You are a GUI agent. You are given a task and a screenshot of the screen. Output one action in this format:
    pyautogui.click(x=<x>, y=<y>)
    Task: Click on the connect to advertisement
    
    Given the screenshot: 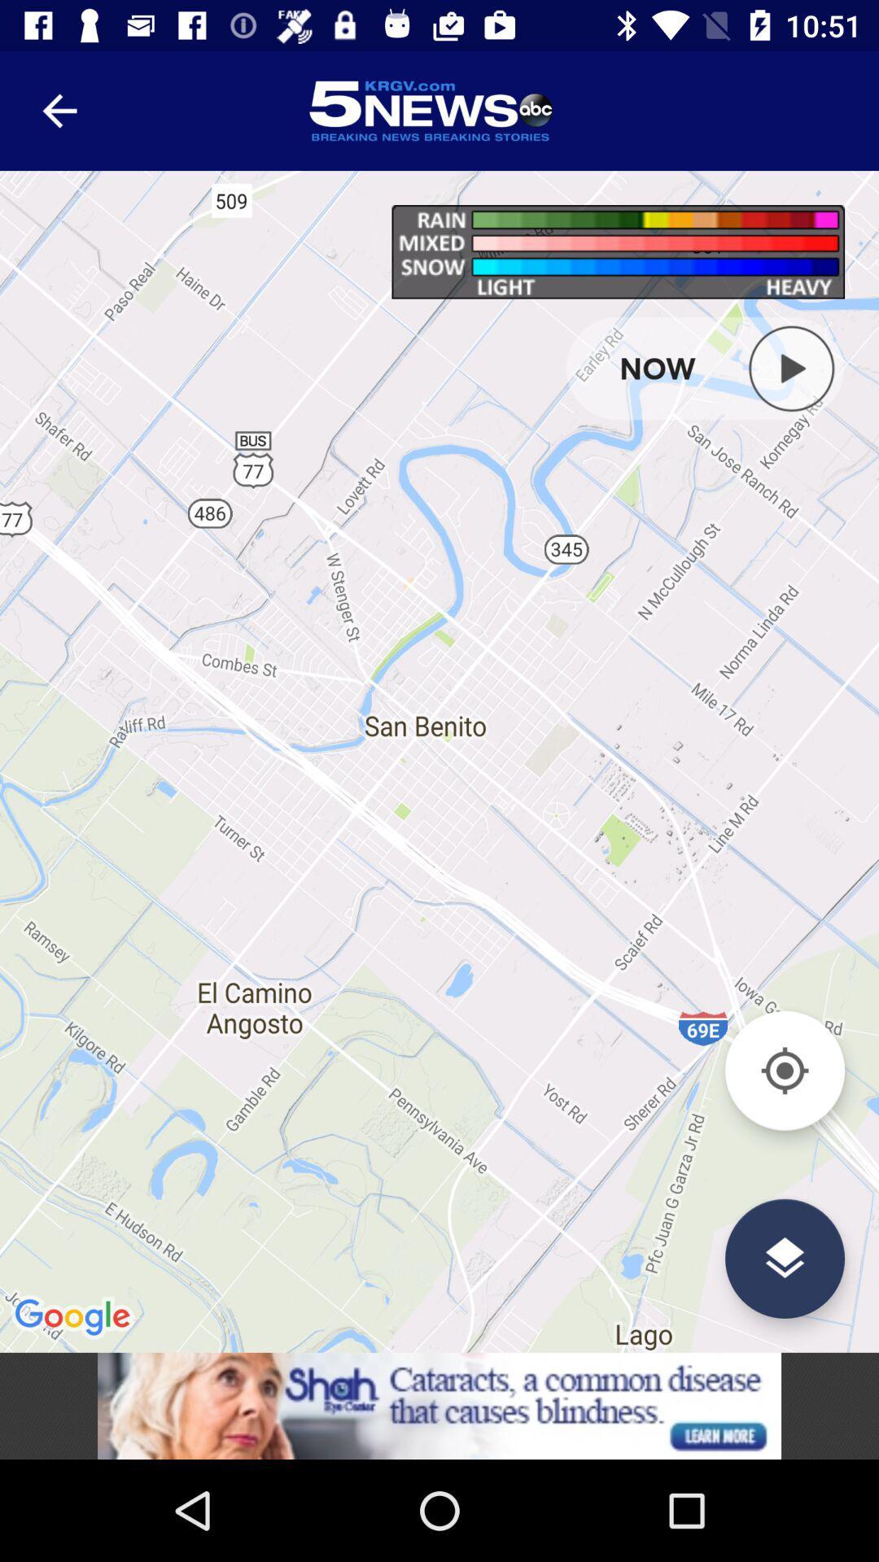 What is the action you would take?
    pyautogui.click(x=439, y=1405)
    